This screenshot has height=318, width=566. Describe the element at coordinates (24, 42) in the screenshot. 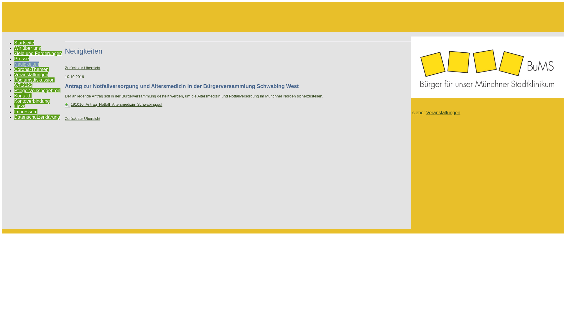

I see `'Startseite'` at that location.